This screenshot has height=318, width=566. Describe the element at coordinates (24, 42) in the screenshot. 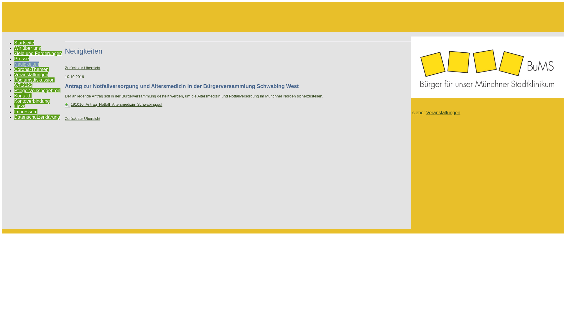

I see `'Startseite'` at that location.